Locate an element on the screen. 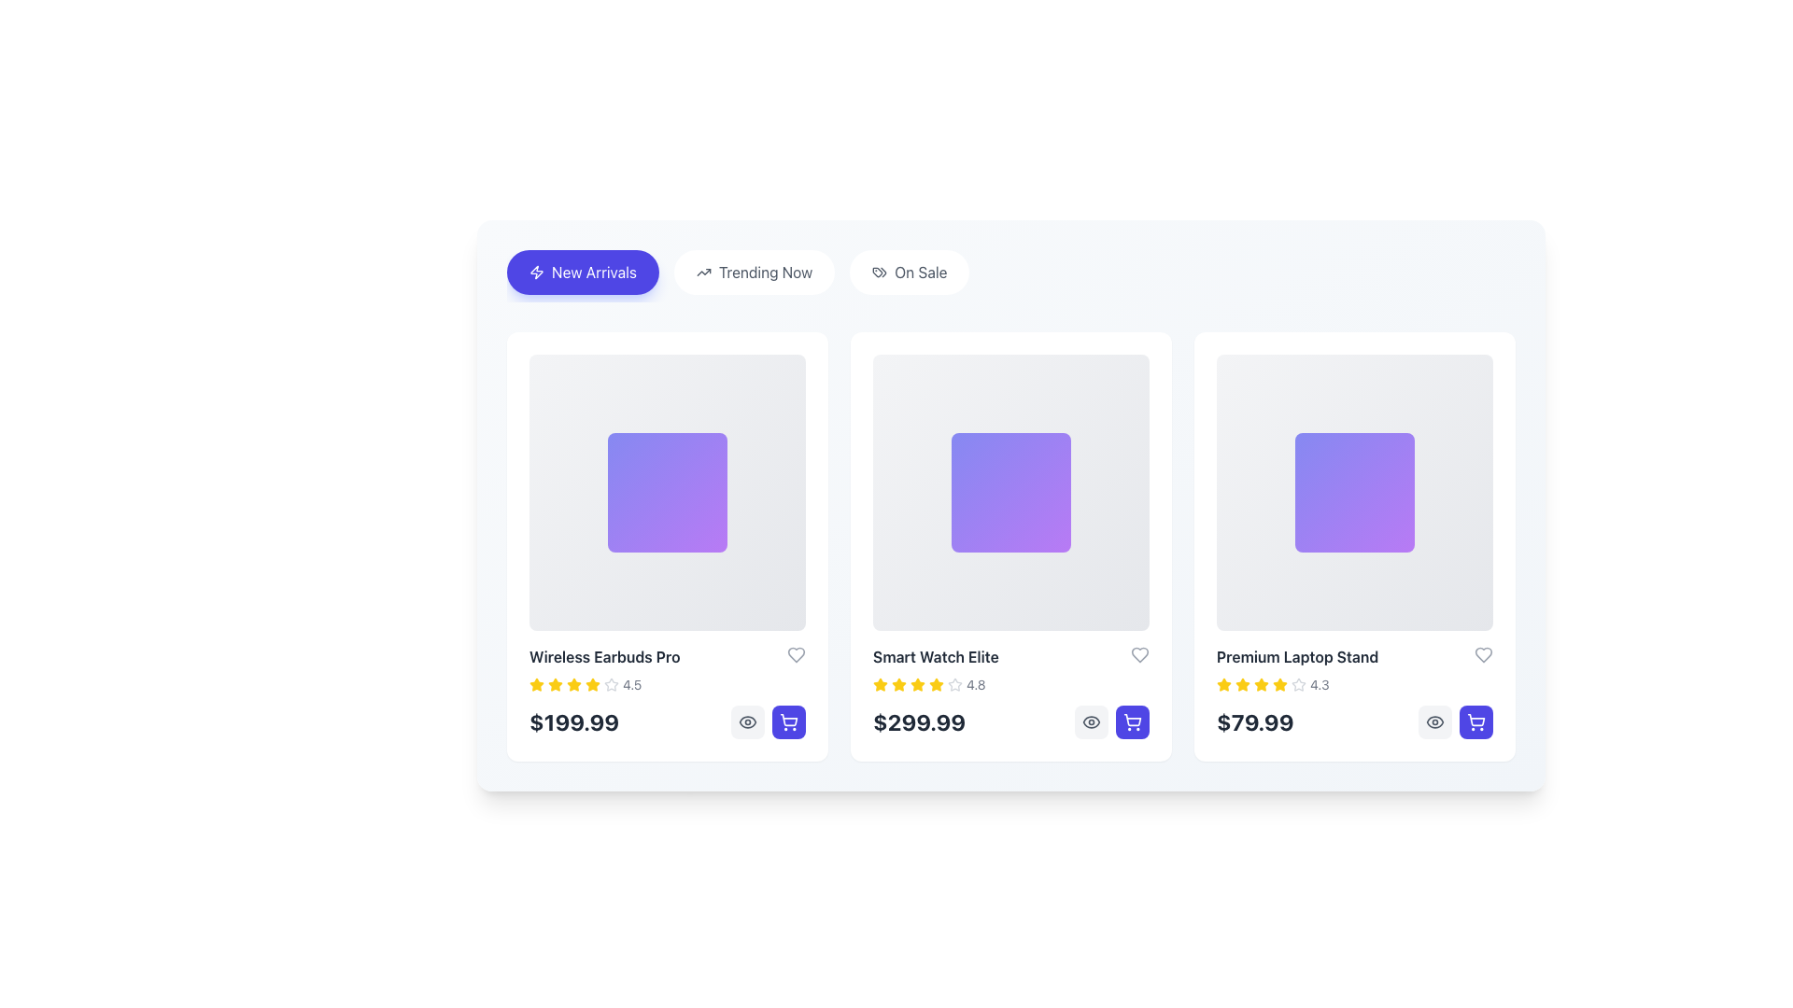  the Icon Button located at the bottom right corner of the 'Smart Watch Elite' card interface, which allows users is located at coordinates (748, 721).